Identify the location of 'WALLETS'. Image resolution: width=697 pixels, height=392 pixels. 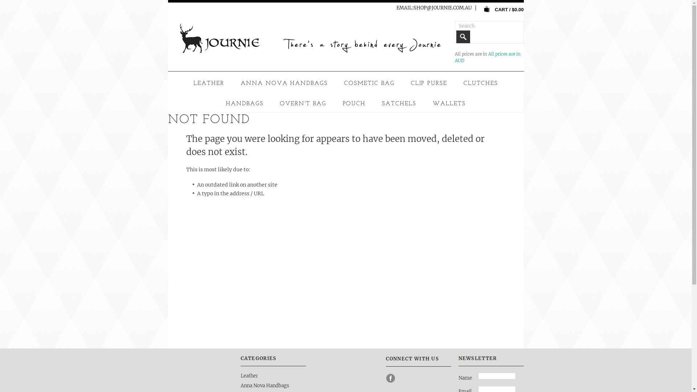
(449, 103).